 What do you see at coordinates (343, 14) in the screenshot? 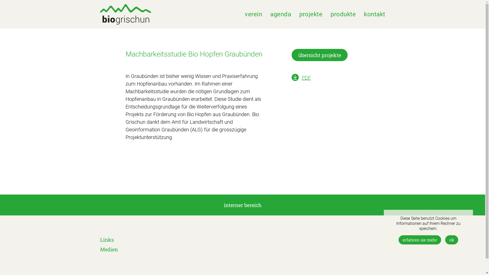
I see `'produkte'` at bounding box center [343, 14].